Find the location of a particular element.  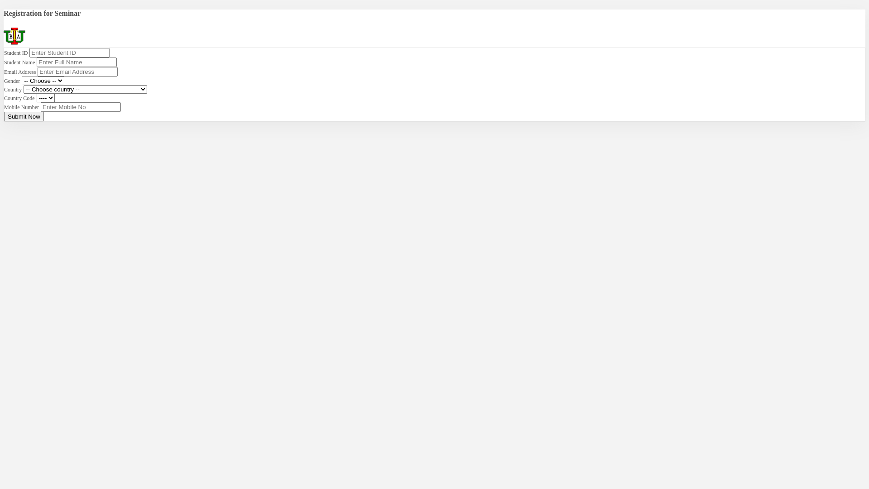

'Submit Now' is located at coordinates (24, 116).